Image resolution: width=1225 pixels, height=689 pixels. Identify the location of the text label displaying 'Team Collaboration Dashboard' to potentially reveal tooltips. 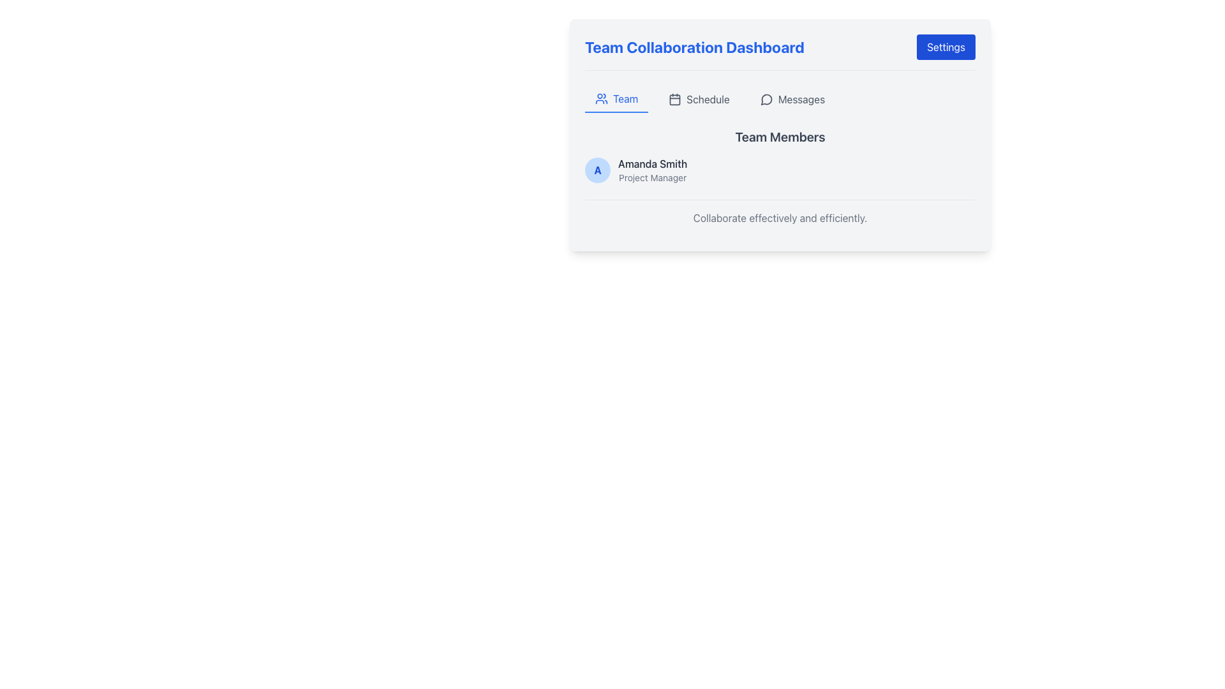
(694, 46).